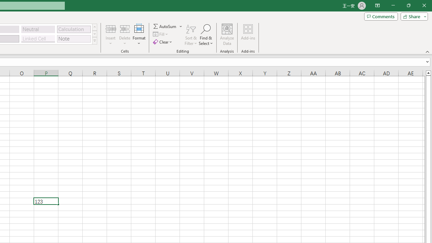  What do you see at coordinates (412, 16) in the screenshot?
I see `'Share'` at bounding box center [412, 16].